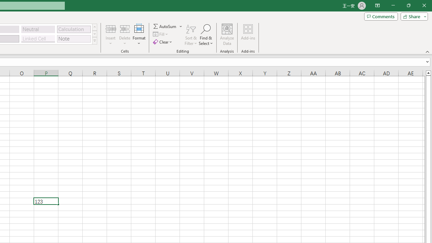  What do you see at coordinates (412, 16) in the screenshot?
I see `'Share'` at bounding box center [412, 16].